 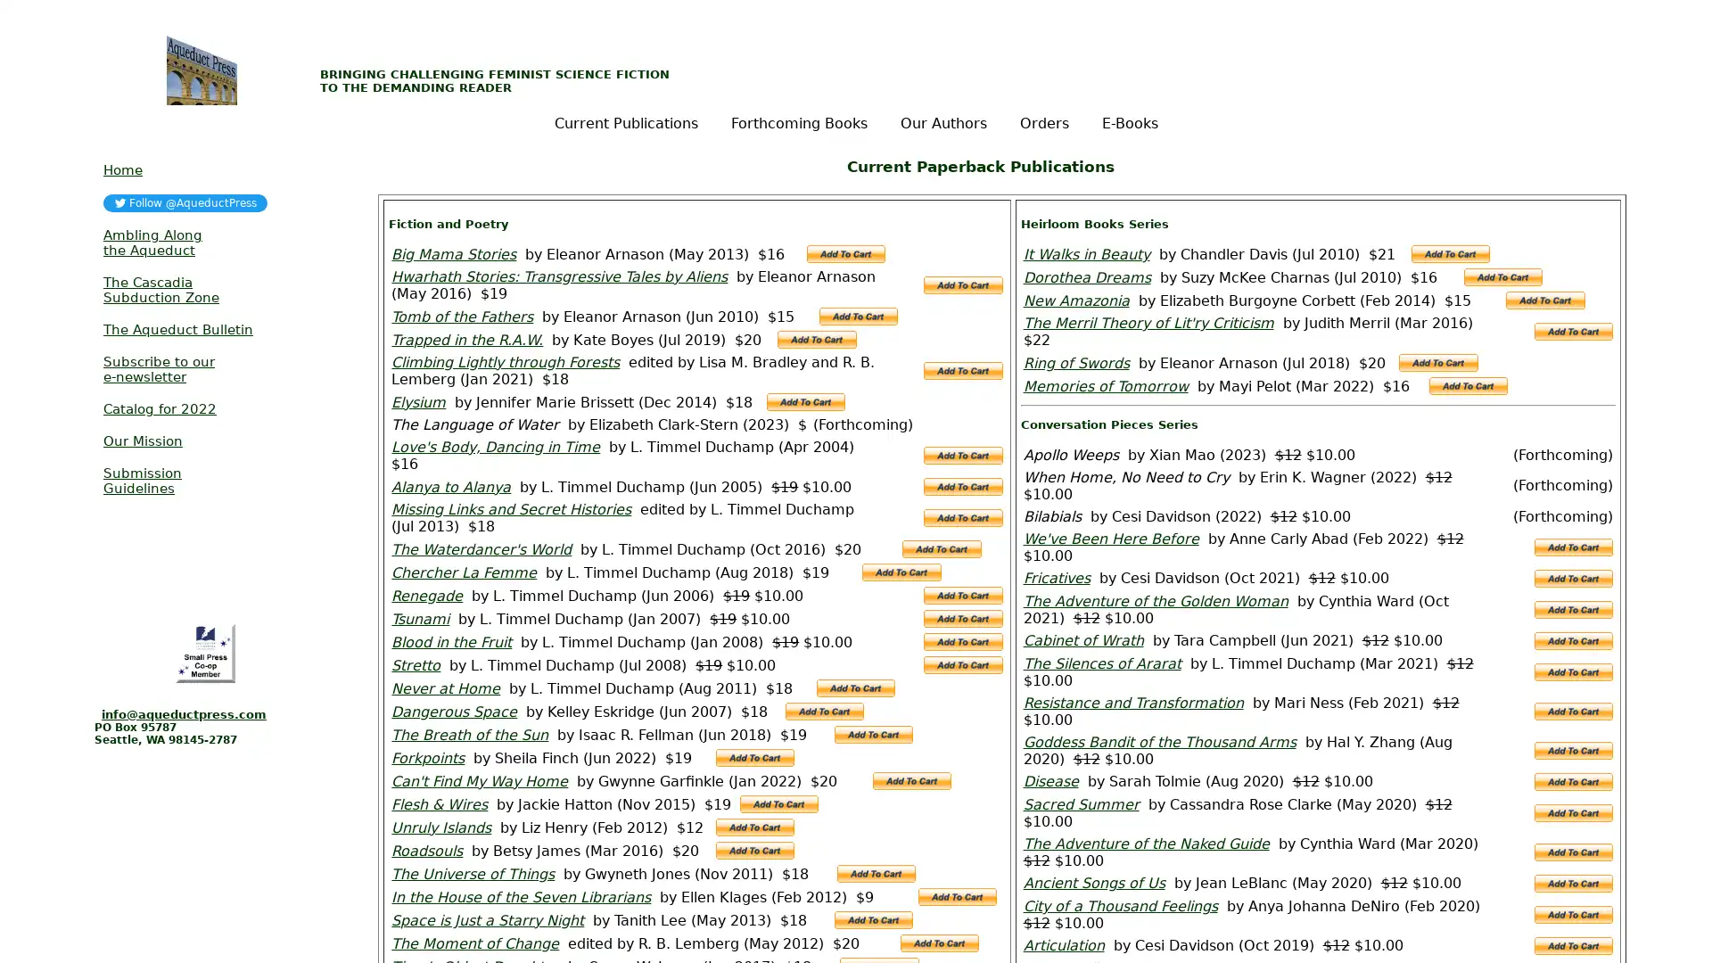 I want to click on Make payments with PayPal - it\'s fast, free and secure!, so click(x=962, y=454).